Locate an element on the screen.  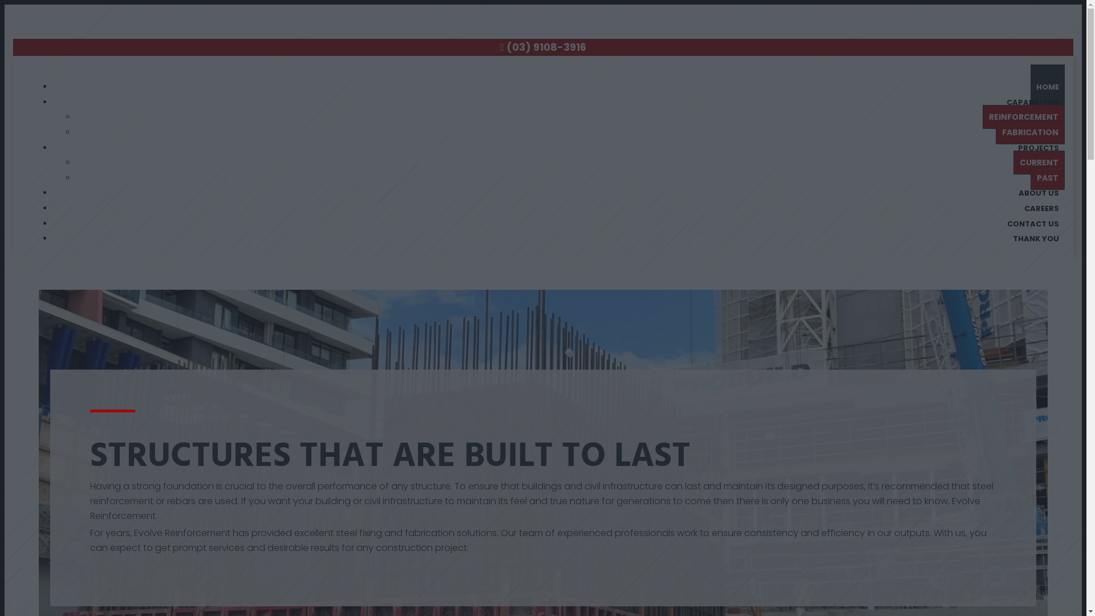
'CONTACT US' is located at coordinates (1001, 224).